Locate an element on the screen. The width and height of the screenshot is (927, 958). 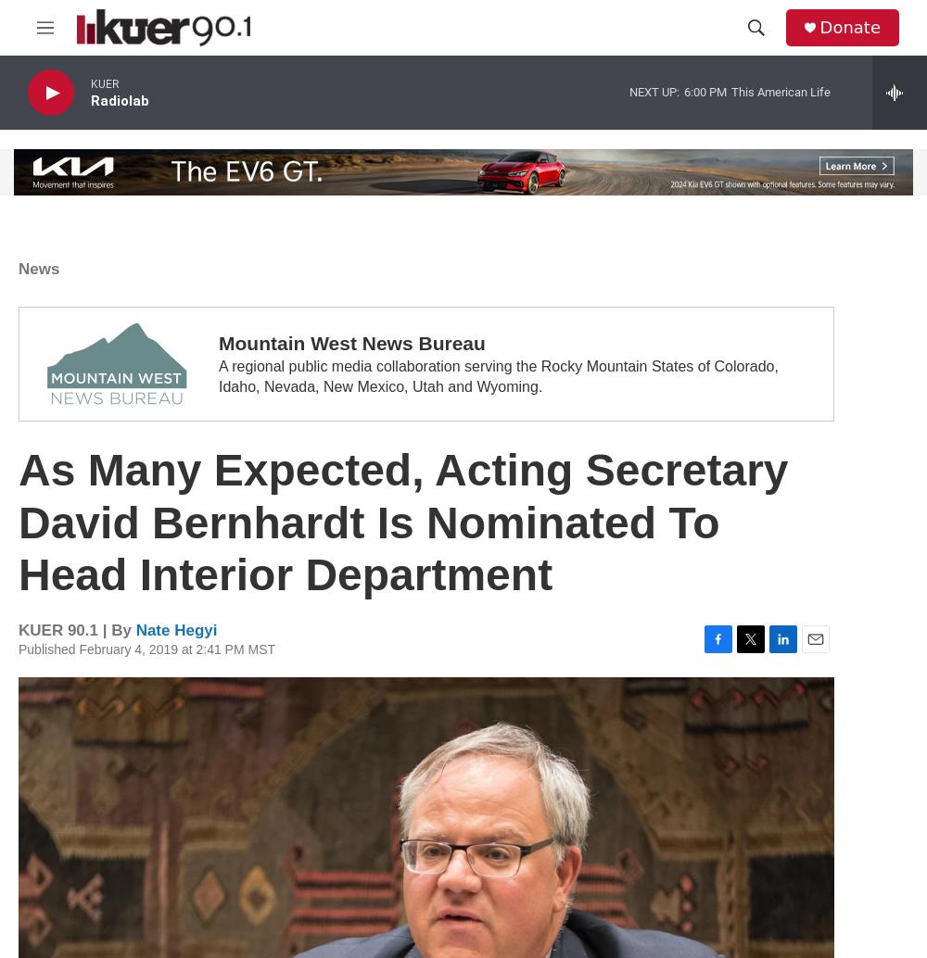
'KUER' is located at coordinates (90, 83).